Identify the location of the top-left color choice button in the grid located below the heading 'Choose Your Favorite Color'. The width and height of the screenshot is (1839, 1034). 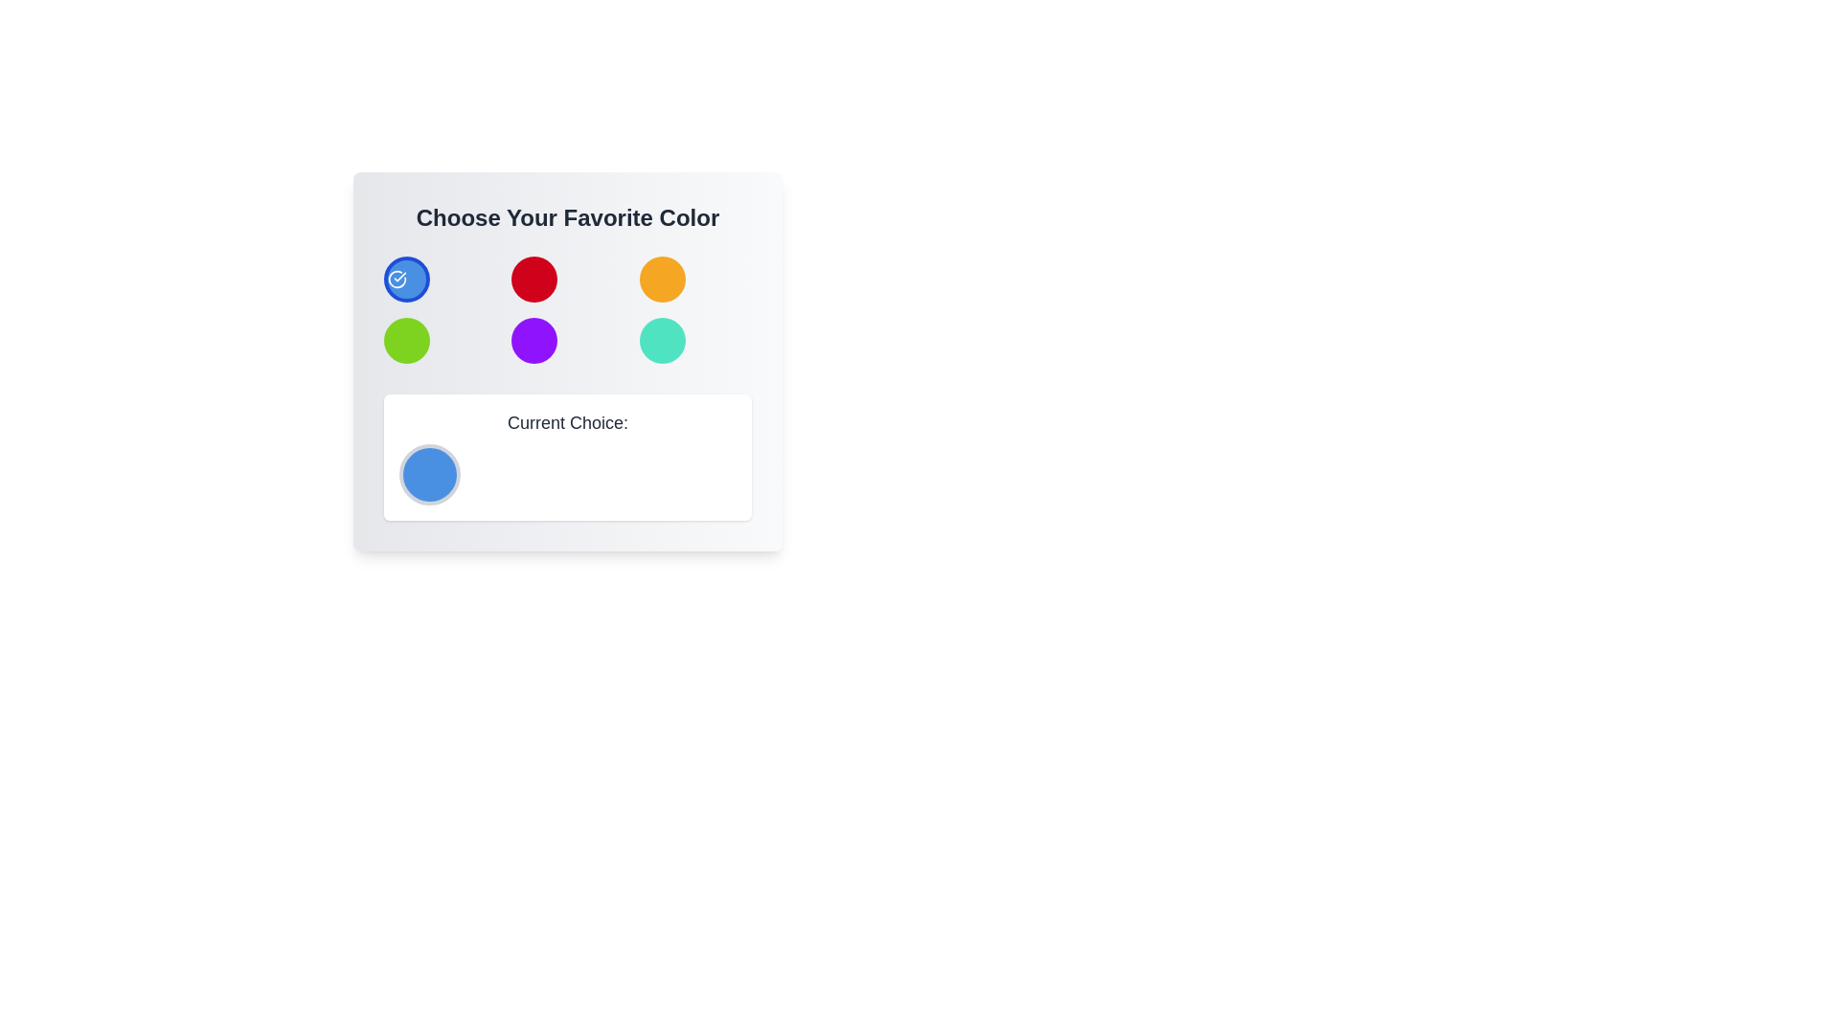
(406, 280).